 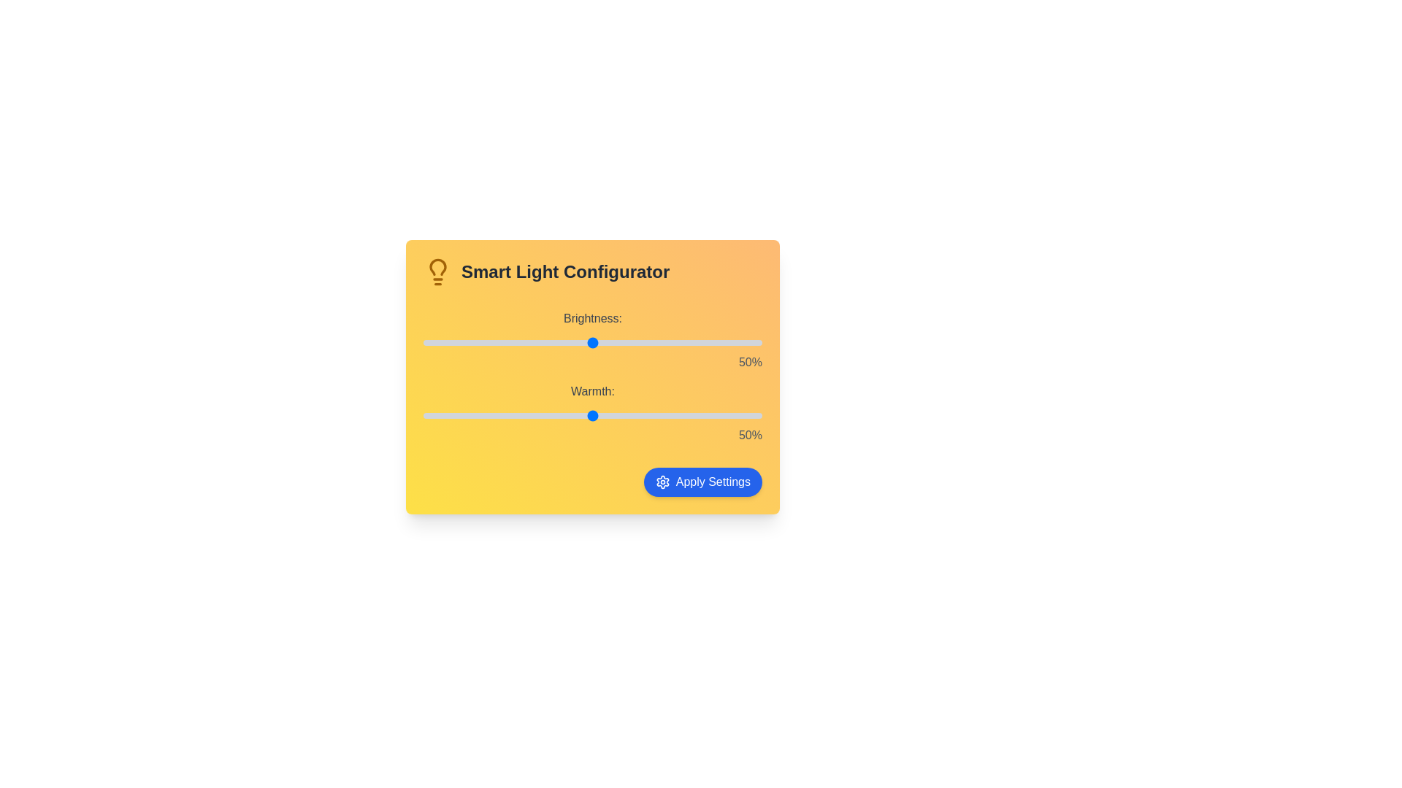 What do you see at coordinates (491, 343) in the screenshot?
I see `the brightness` at bounding box center [491, 343].